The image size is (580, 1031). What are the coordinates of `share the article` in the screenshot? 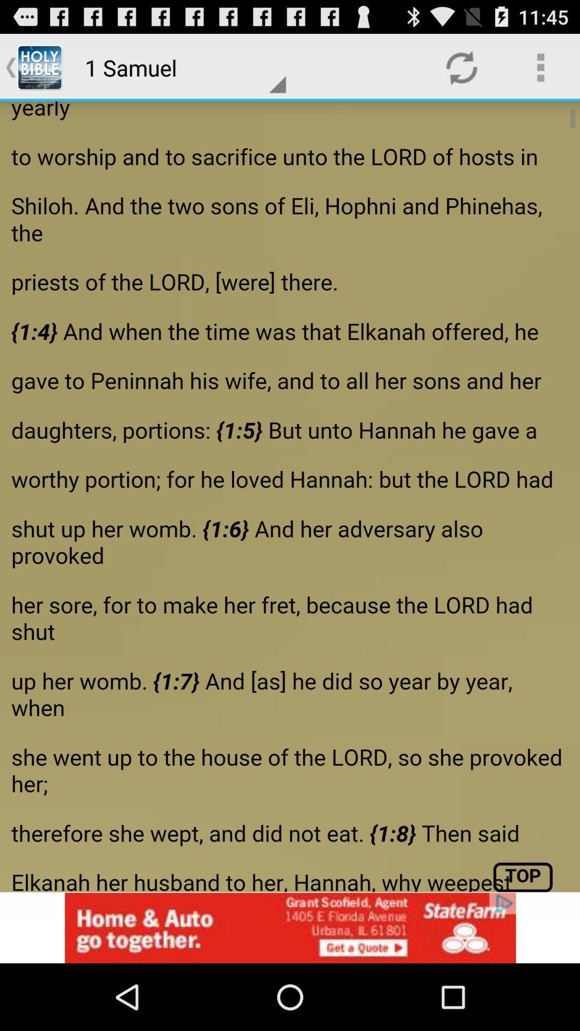 It's located at (290, 496).